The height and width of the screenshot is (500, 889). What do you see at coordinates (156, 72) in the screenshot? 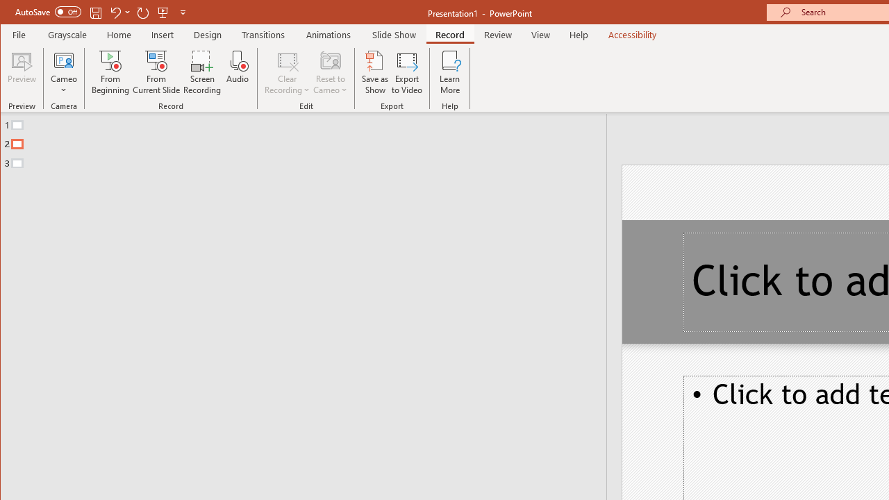
I see `'From Current Slide...'` at bounding box center [156, 72].